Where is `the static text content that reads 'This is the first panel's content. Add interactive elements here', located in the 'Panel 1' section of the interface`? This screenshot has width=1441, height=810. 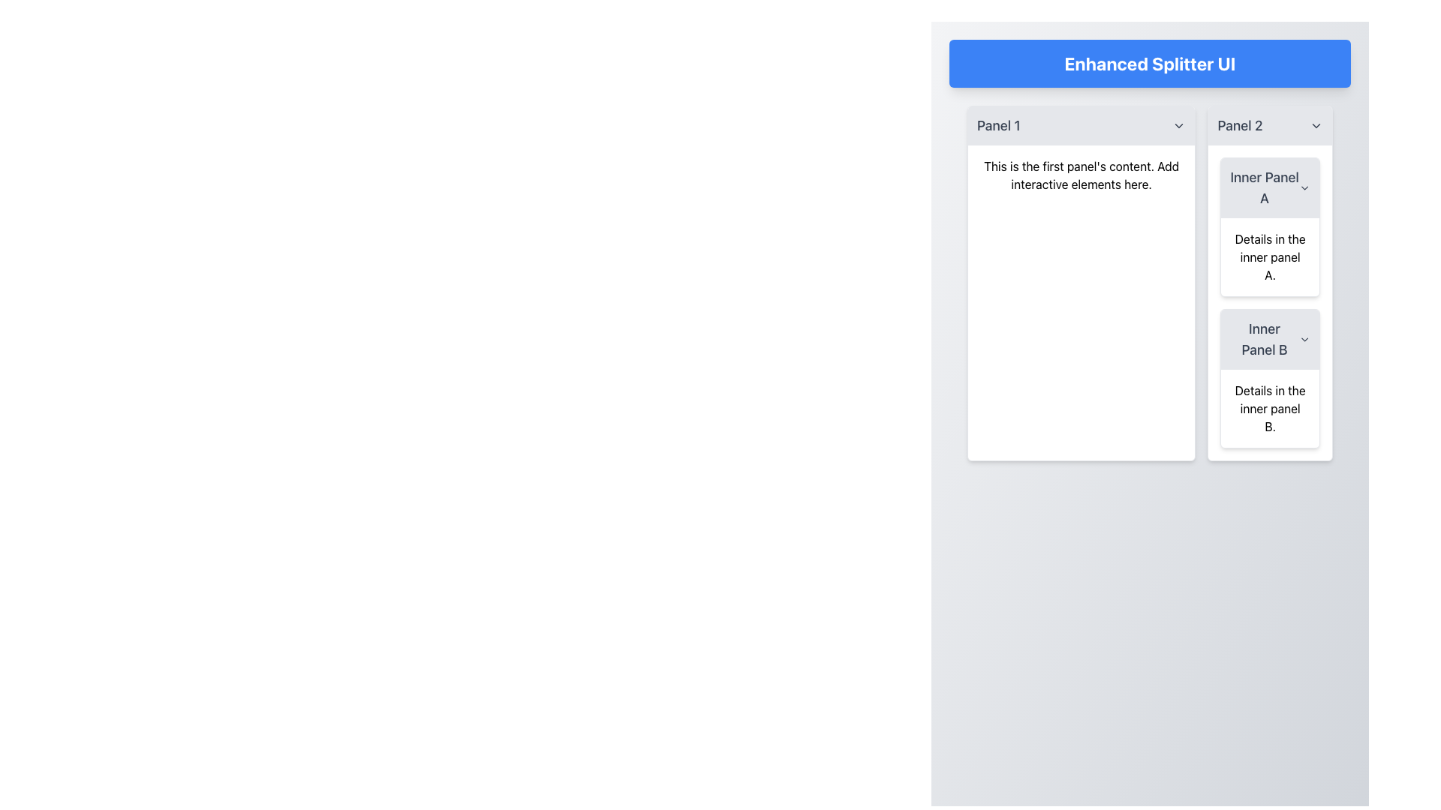
the static text content that reads 'This is the first panel's content. Add interactive elements here', located in the 'Panel 1' section of the interface is located at coordinates (1082, 175).